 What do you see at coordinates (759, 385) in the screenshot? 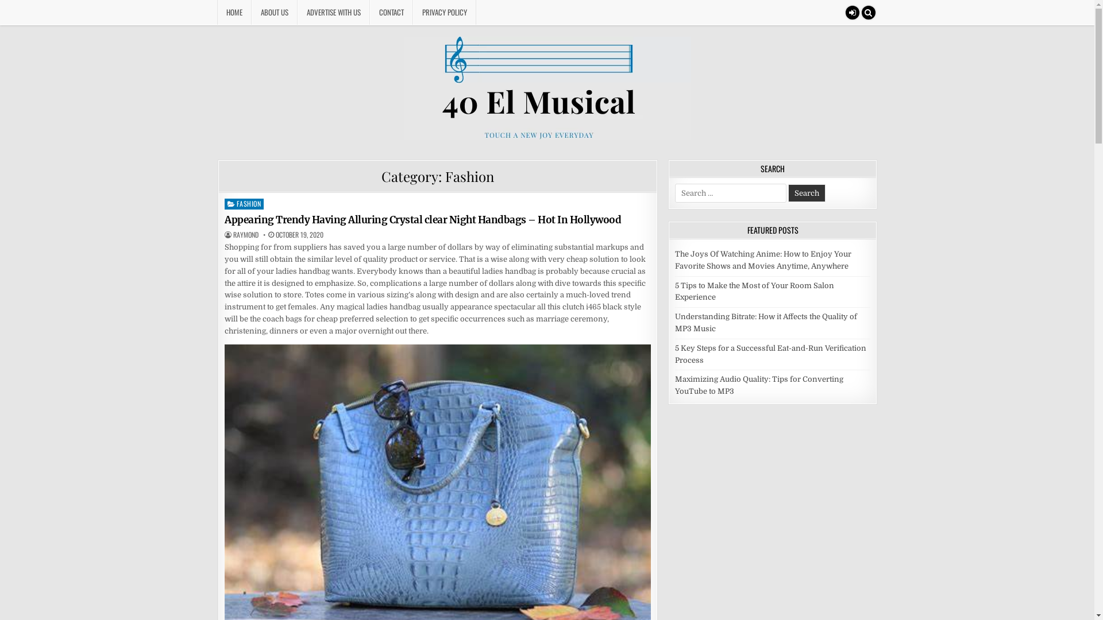
I see `'Maximizing Audio Quality: Tips for Converting YouTube to MP3'` at bounding box center [759, 385].